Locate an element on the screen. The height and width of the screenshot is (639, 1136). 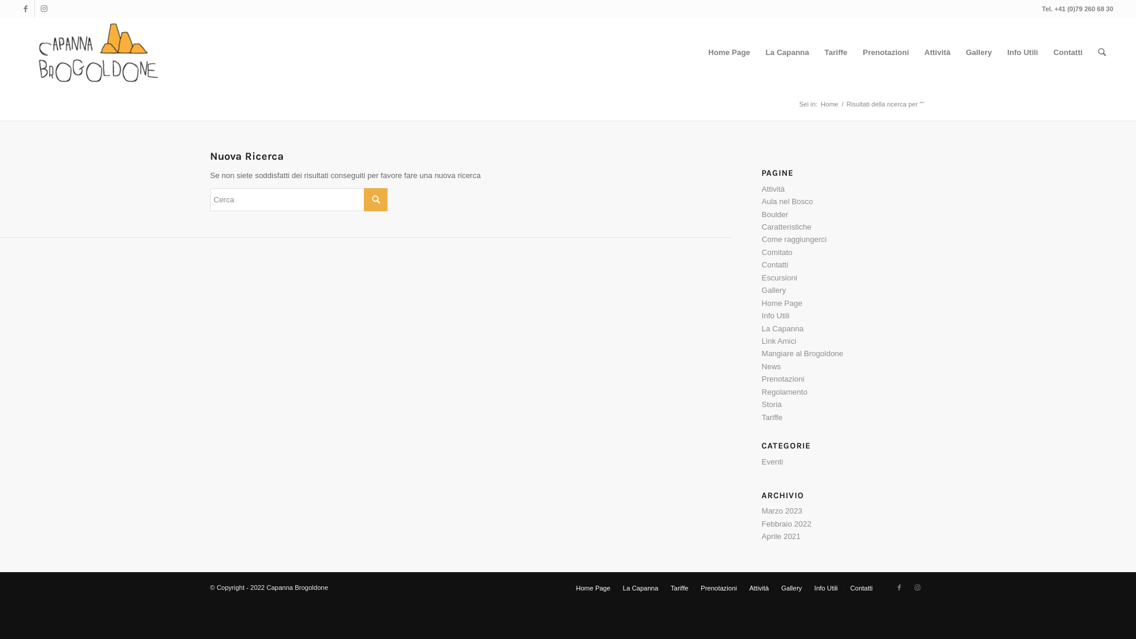
'Instagram' is located at coordinates (43, 9).